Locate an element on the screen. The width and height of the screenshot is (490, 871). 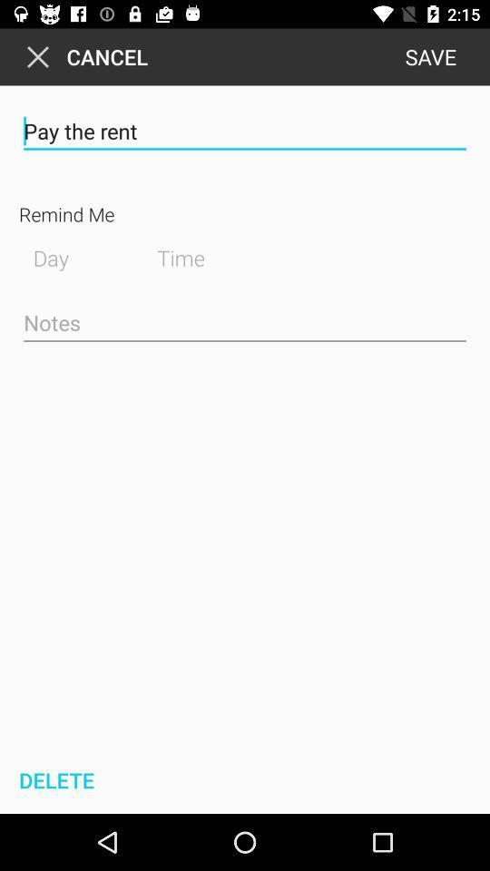
icon below the cancel is located at coordinates (245, 131).